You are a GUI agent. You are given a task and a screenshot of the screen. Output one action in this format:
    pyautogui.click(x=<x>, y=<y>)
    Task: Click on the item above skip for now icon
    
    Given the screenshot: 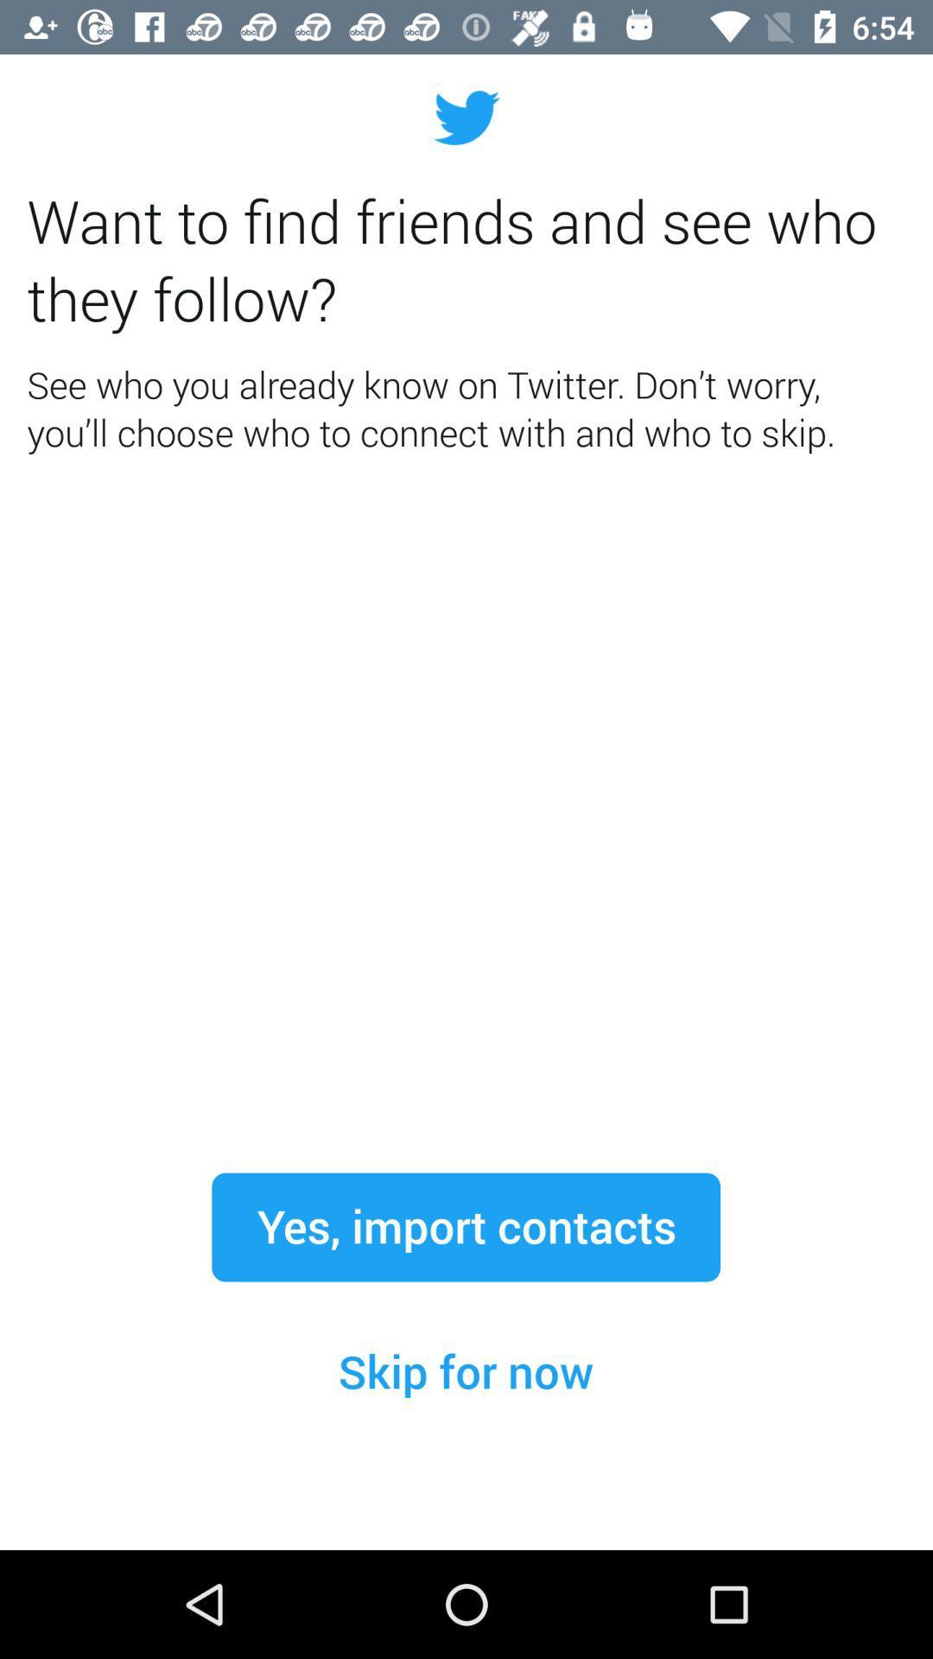 What is the action you would take?
    pyautogui.click(x=465, y=1226)
    